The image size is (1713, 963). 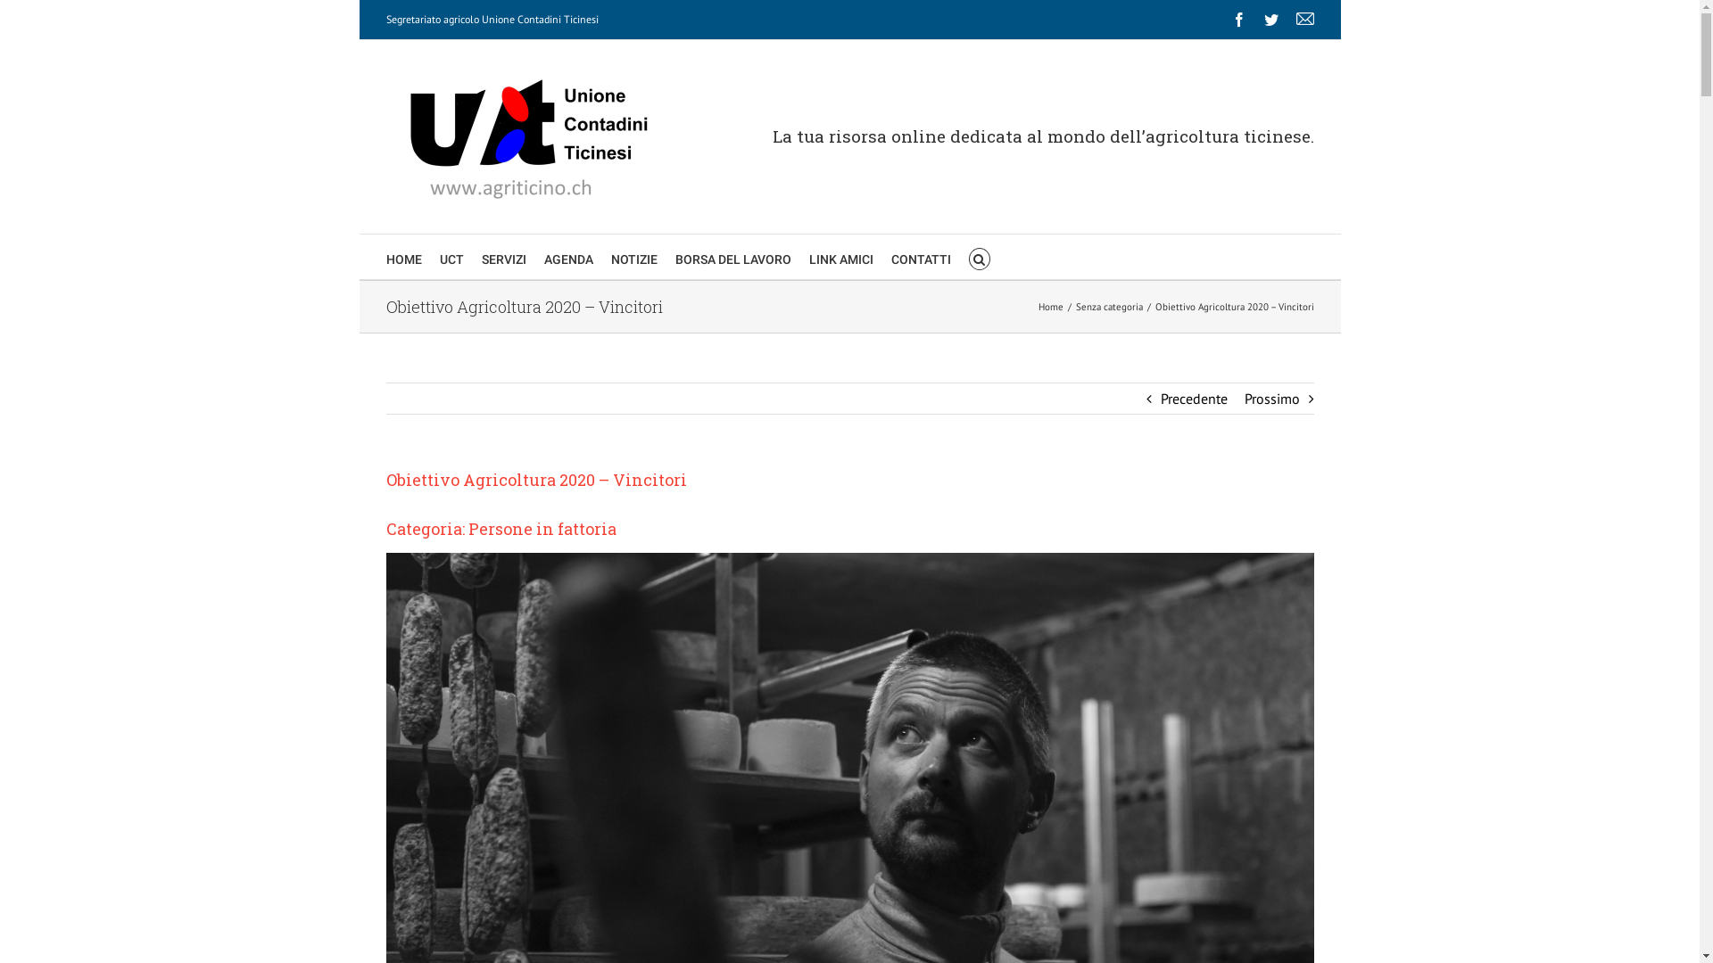 I want to click on 'NOTIZIE', so click(x=610, y=257).